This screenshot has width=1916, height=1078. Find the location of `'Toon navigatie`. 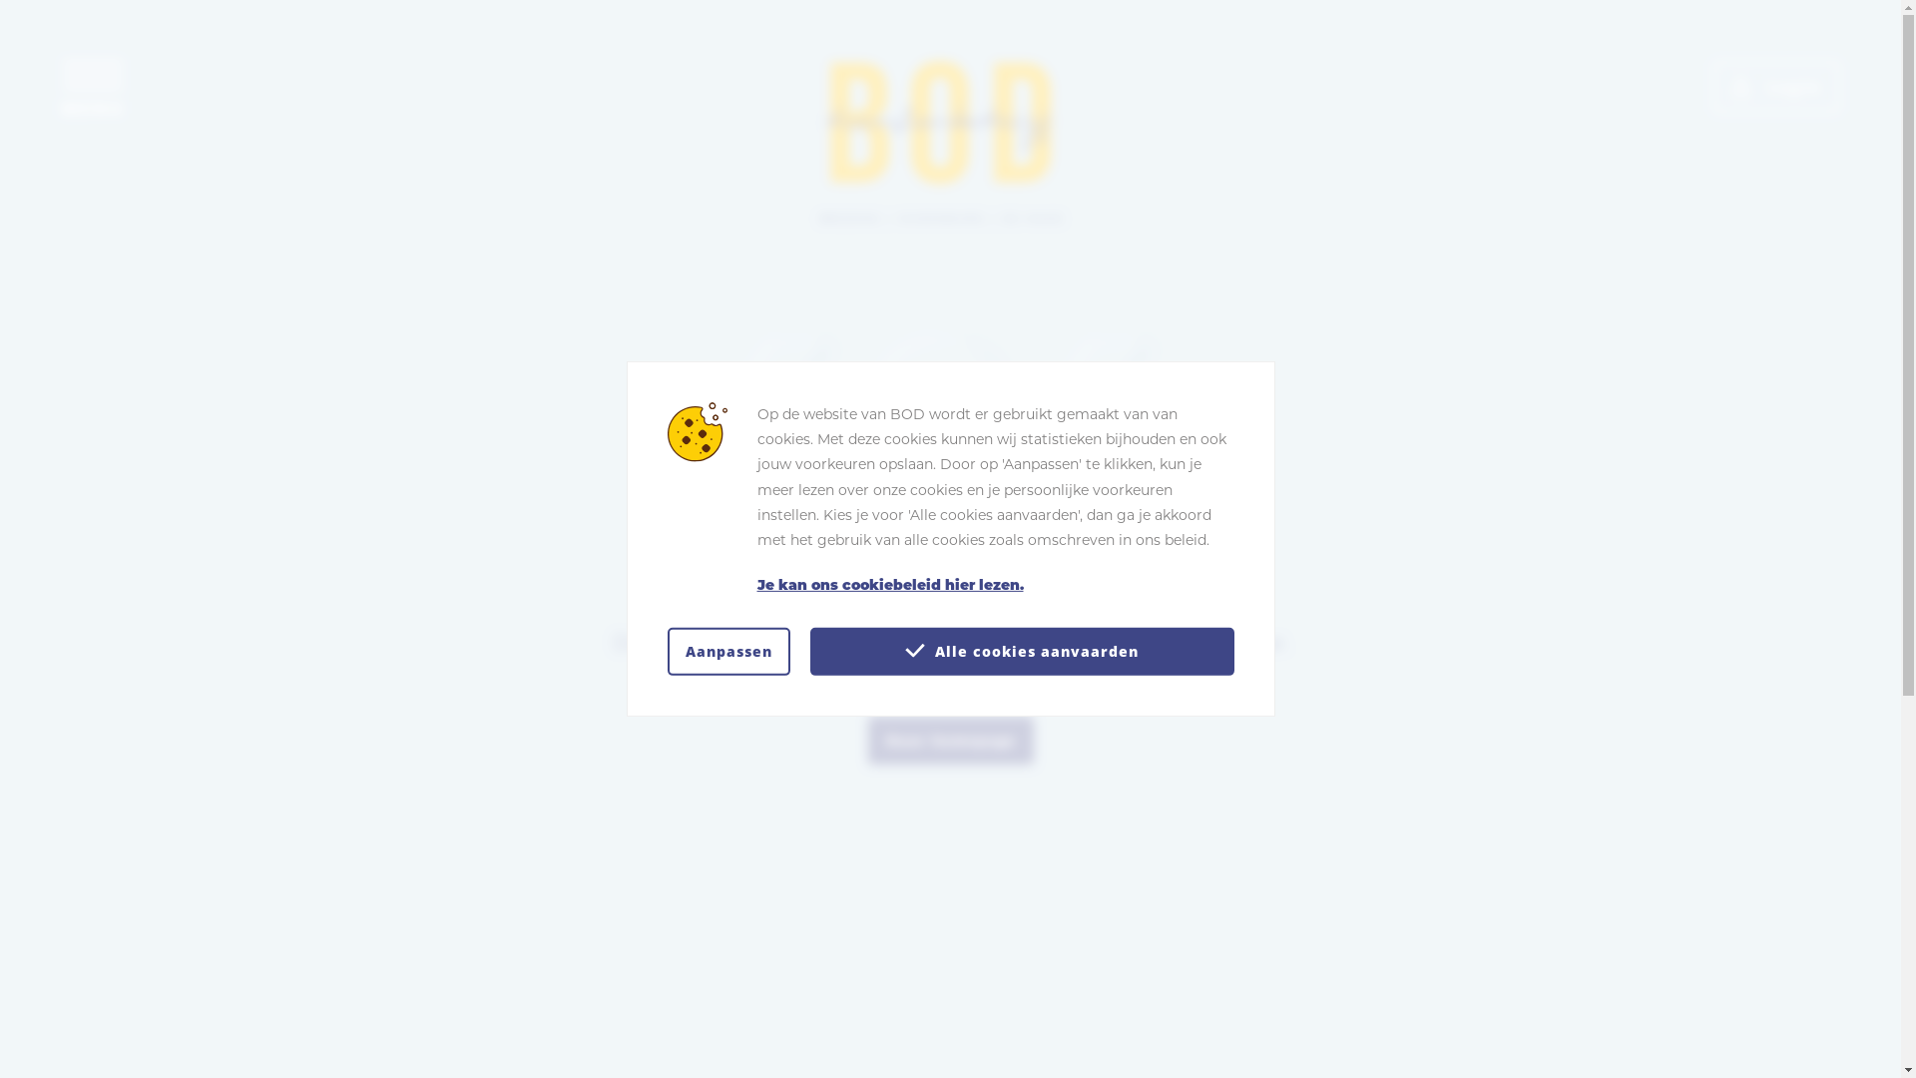

'Toon navigatie is located at coordinates (91, 87).